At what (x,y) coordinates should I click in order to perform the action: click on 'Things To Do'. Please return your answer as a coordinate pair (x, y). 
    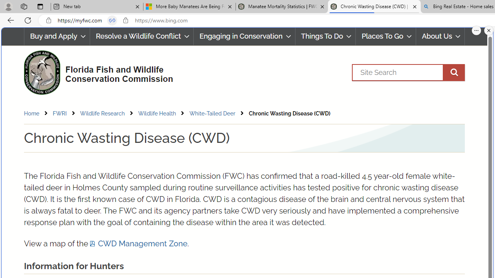
    Looking at the image, I should click on (325, 36).